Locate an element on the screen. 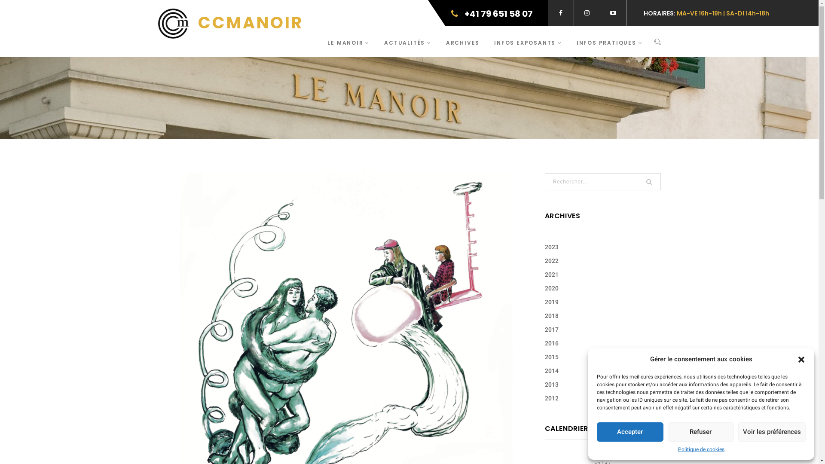 The width and height of the screenshot is (825, 464). 'Politique de cookies' is located at coordinates (678, 449).